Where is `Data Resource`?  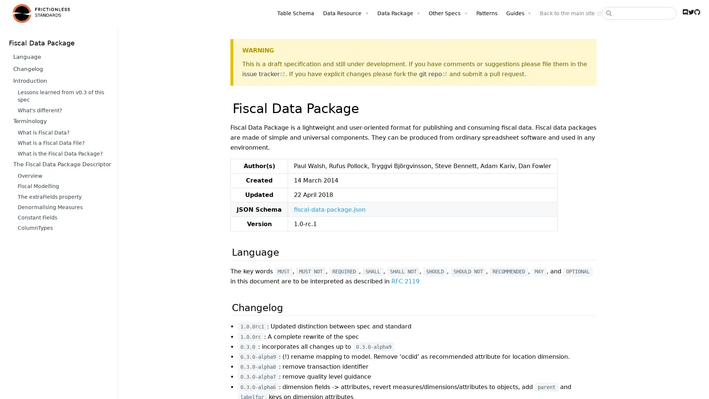 Data Resource is located at coordinates (345, 13).